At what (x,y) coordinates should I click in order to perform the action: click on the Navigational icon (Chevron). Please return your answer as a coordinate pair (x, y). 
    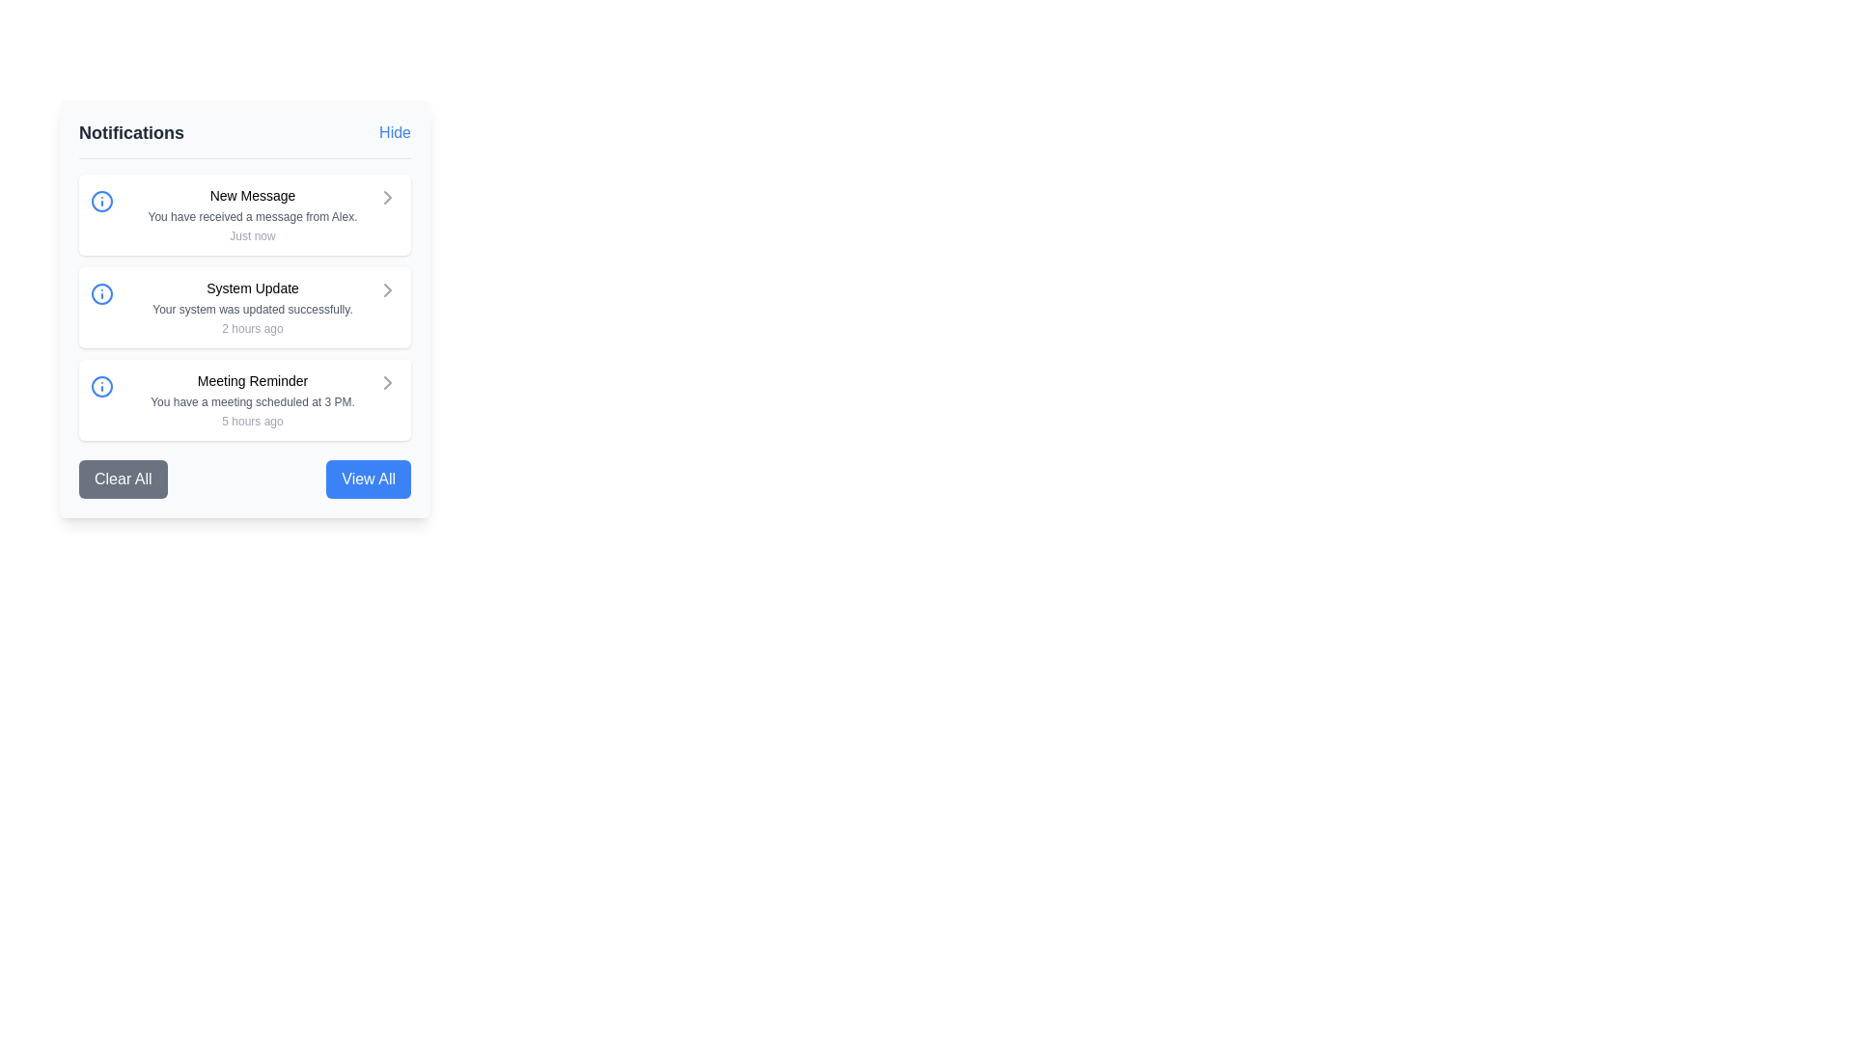
    Looking at the image, I should click on (387, 289).